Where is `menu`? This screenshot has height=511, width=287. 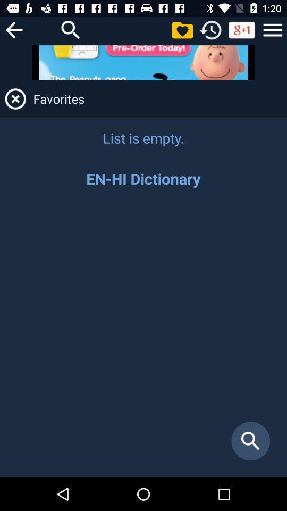 menu is located at coordinates (273, 29).